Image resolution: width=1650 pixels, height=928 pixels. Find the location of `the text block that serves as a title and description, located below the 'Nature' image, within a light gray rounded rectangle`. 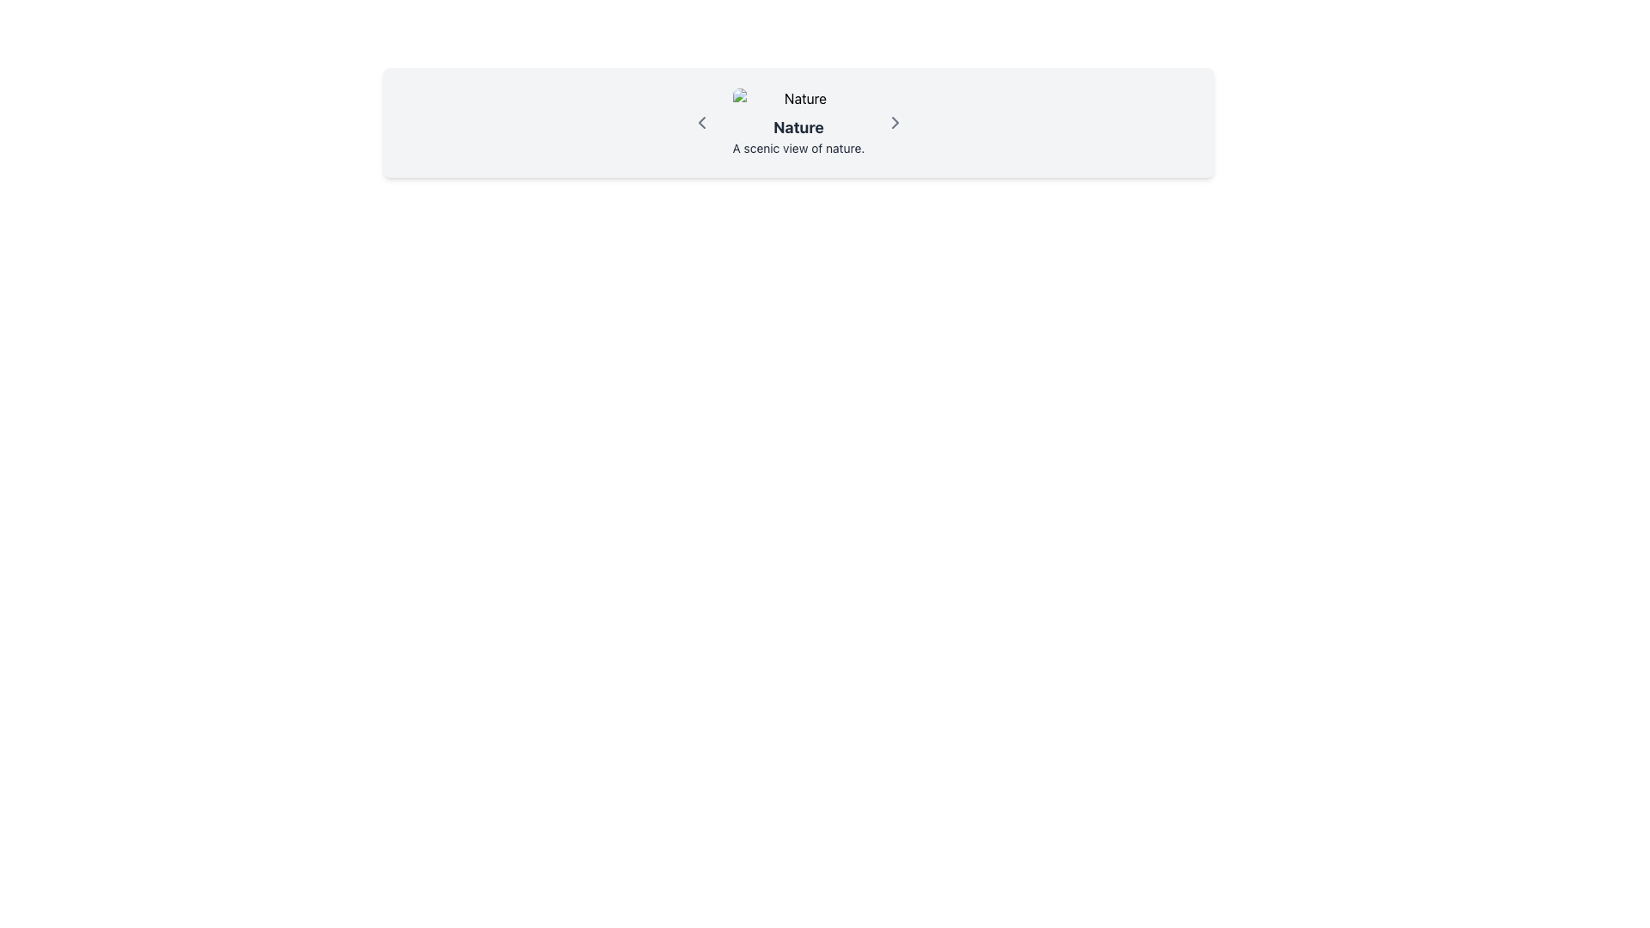

the text block that serves as a title and description, located below the 'Nature' image, within a light gray rounded rectangle is located at coordinates (797, 121).